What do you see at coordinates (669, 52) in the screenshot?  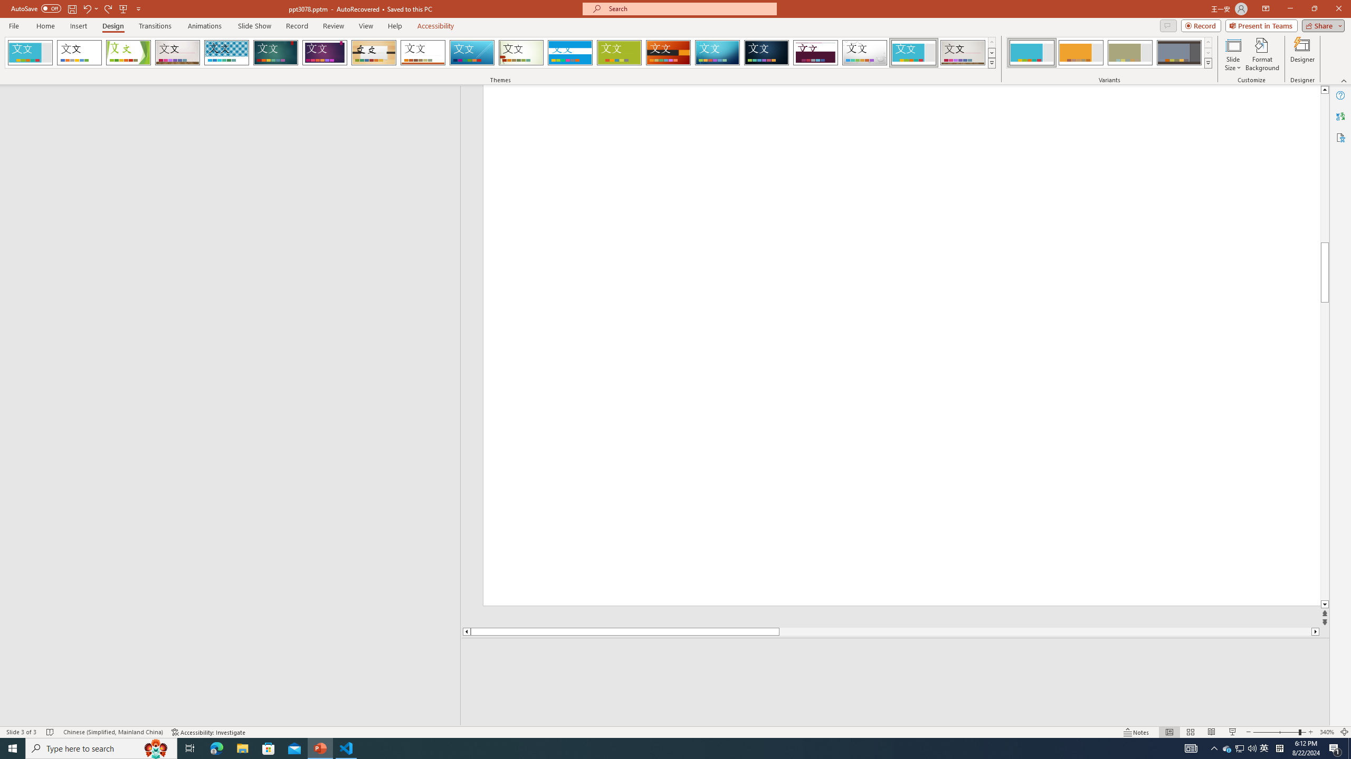 I see `'Berlin'` at bounding box center [669, 52].